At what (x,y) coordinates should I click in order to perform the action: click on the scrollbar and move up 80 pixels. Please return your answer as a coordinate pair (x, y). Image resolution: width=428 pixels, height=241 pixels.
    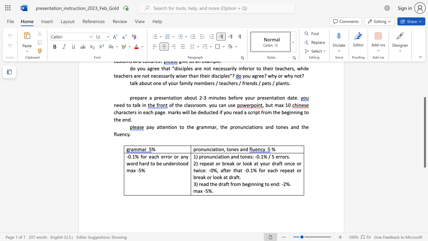
    Looking at the image, I should click on (424, 132).